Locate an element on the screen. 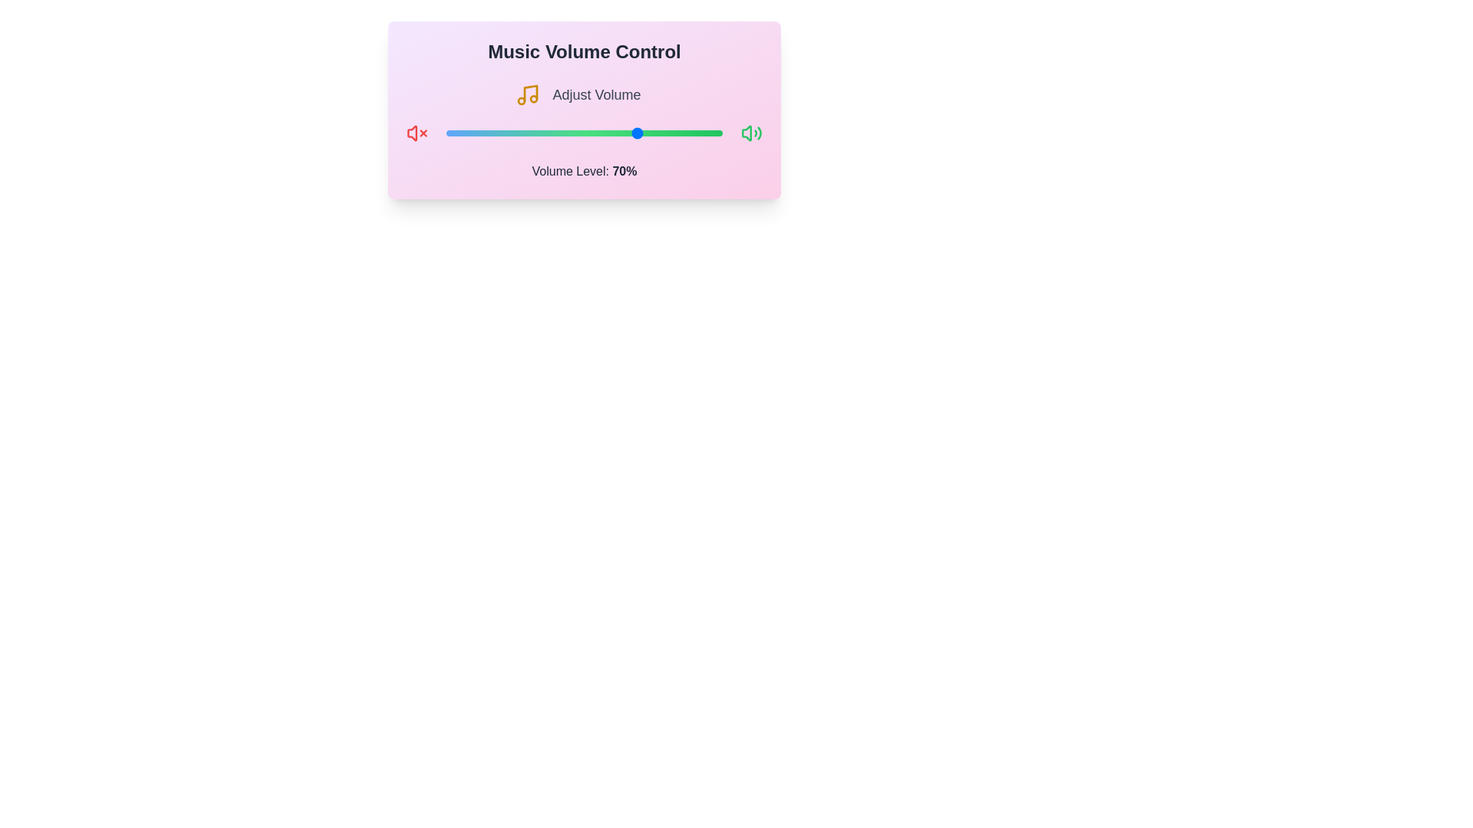  the volume slider to 93% is located at coordinates (702, 132).